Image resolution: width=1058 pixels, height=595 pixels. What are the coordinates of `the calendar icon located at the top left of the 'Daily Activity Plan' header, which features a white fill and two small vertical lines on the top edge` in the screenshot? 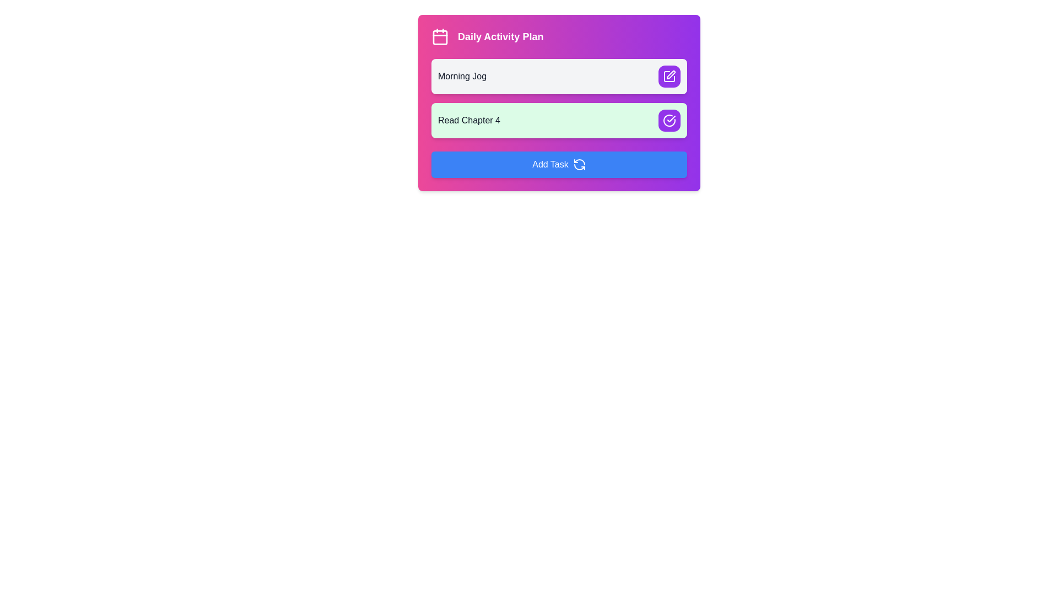 It's located at (439, 36).